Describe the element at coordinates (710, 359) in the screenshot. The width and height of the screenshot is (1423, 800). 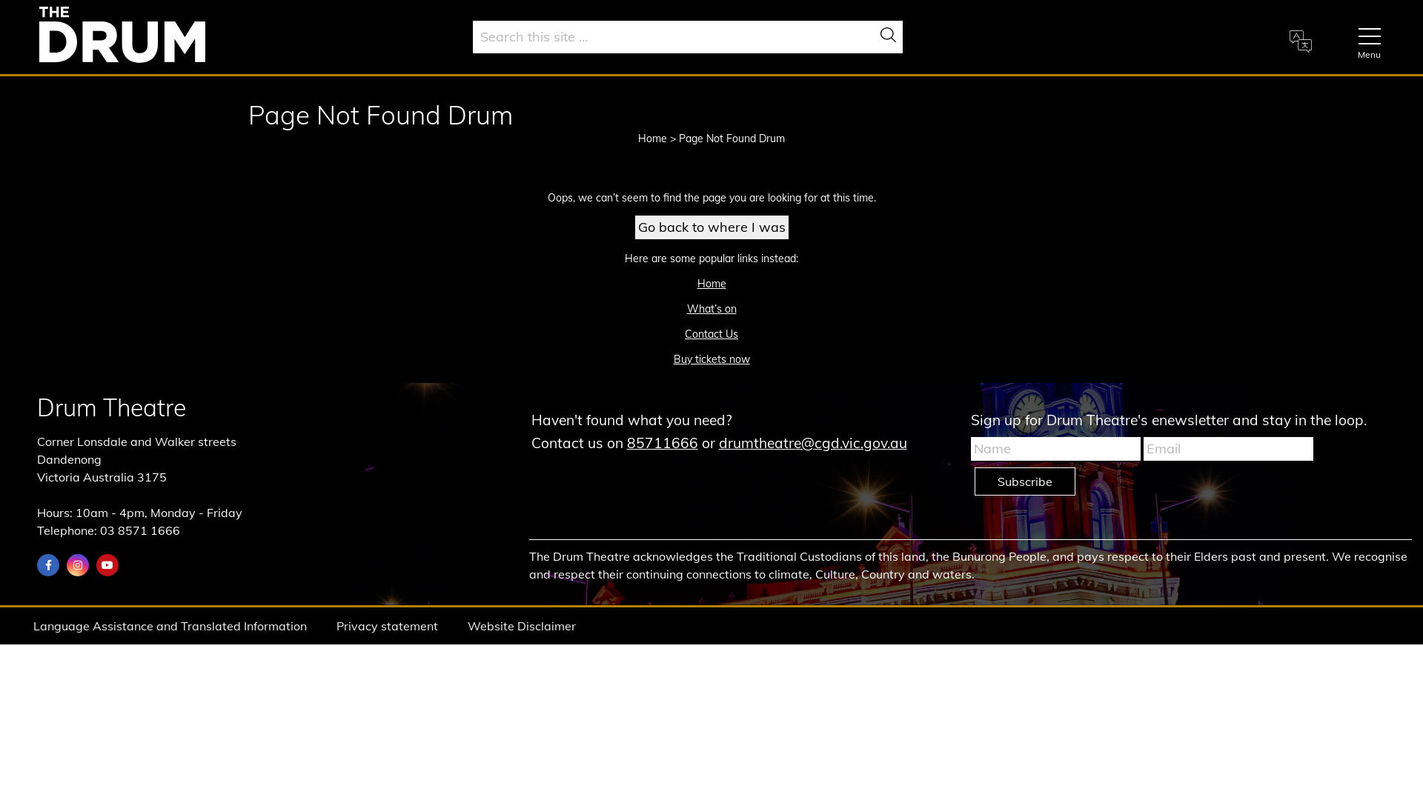
I see `'Buy tickets now'` at that location.